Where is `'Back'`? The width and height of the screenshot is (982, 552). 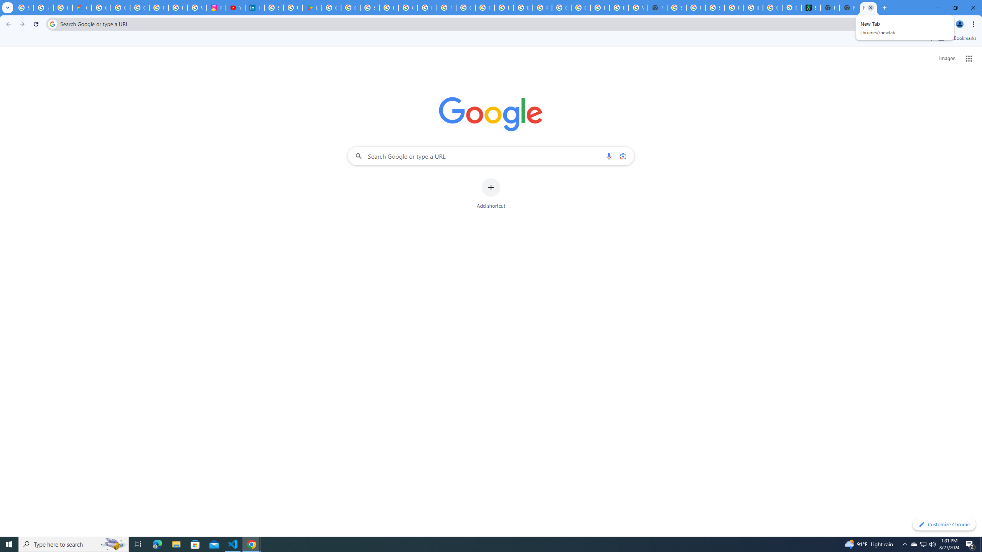
'Back' is located at coordinates (7, 24).